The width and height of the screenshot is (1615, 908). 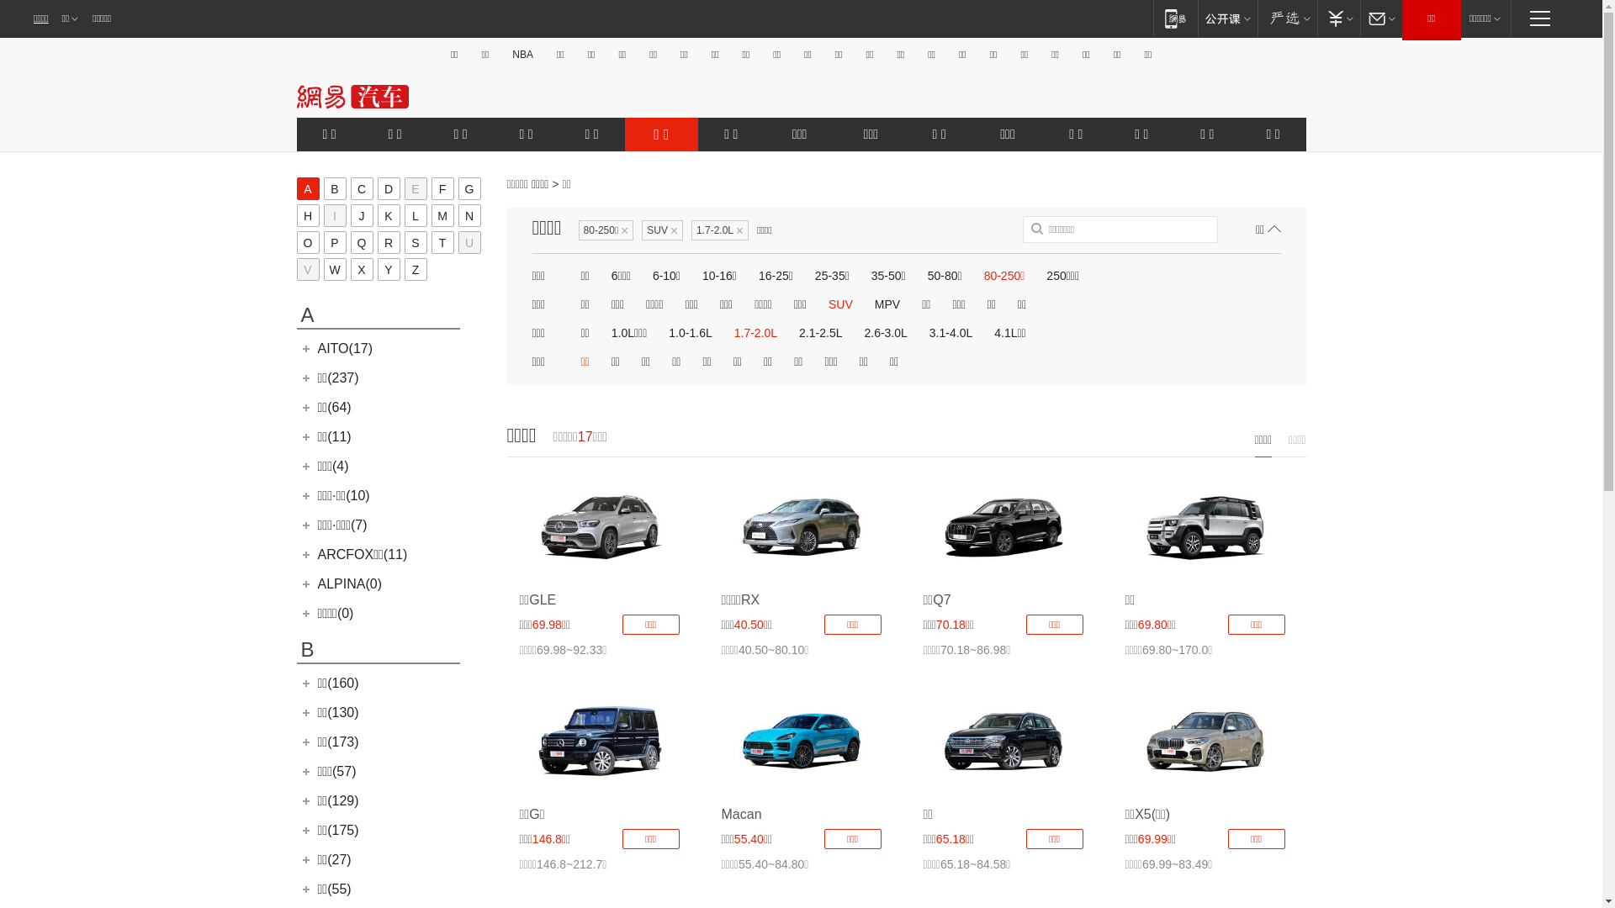 I want to click on 'I', so click(x=323, y=214).